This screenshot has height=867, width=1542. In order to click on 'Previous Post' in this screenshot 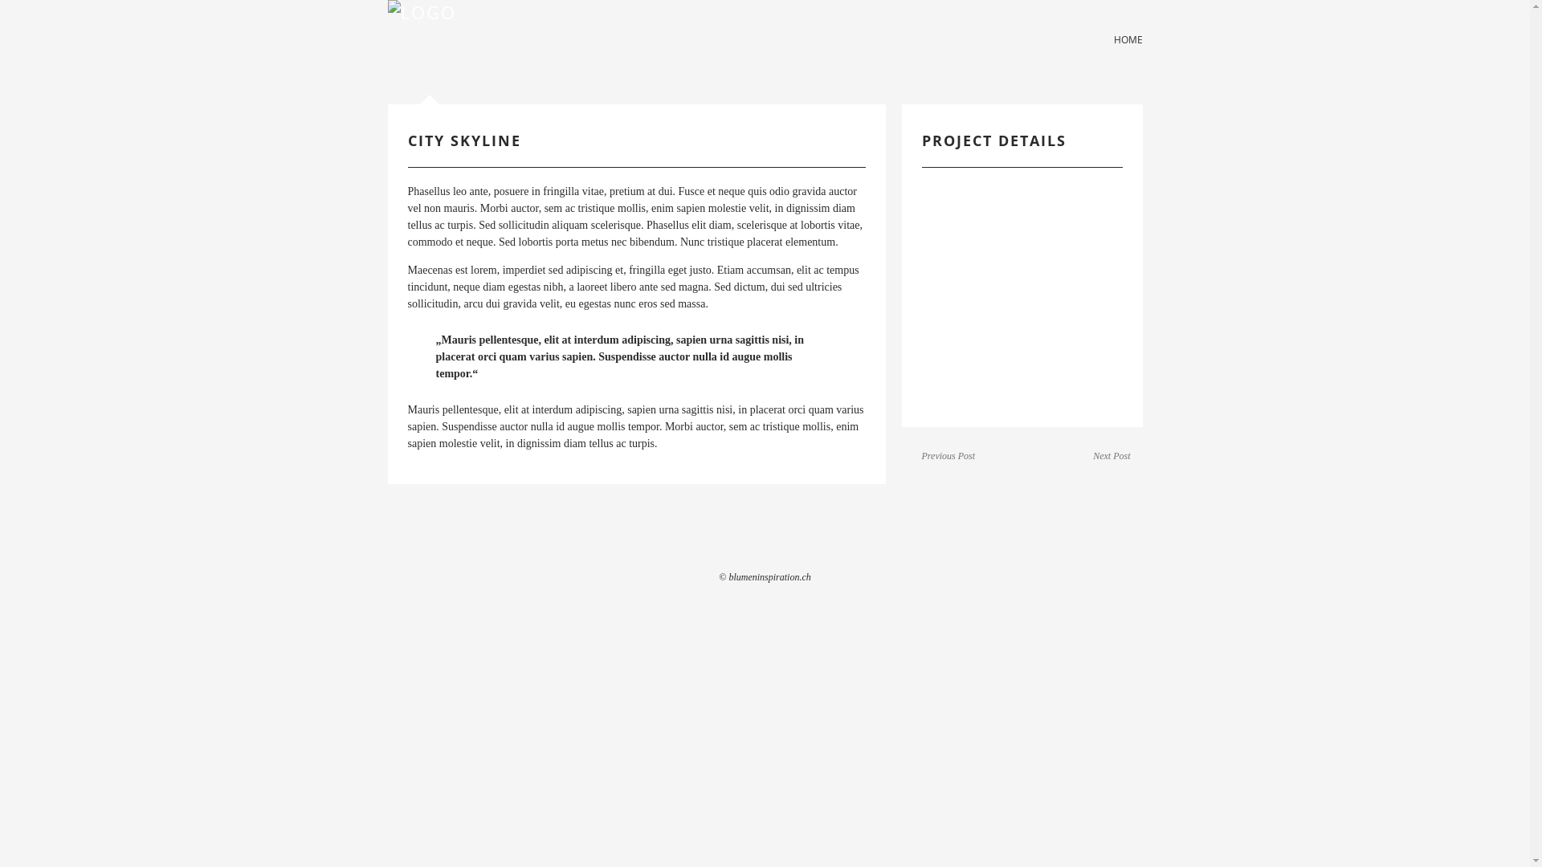, I will do `click(948, 455)`.